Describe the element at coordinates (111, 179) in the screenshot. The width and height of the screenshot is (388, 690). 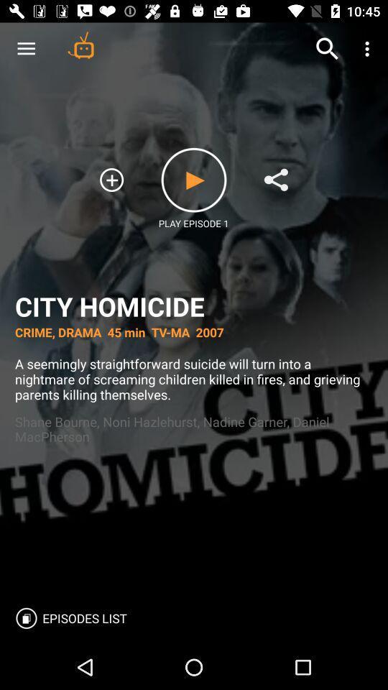
I see `shows the add option` at that location.